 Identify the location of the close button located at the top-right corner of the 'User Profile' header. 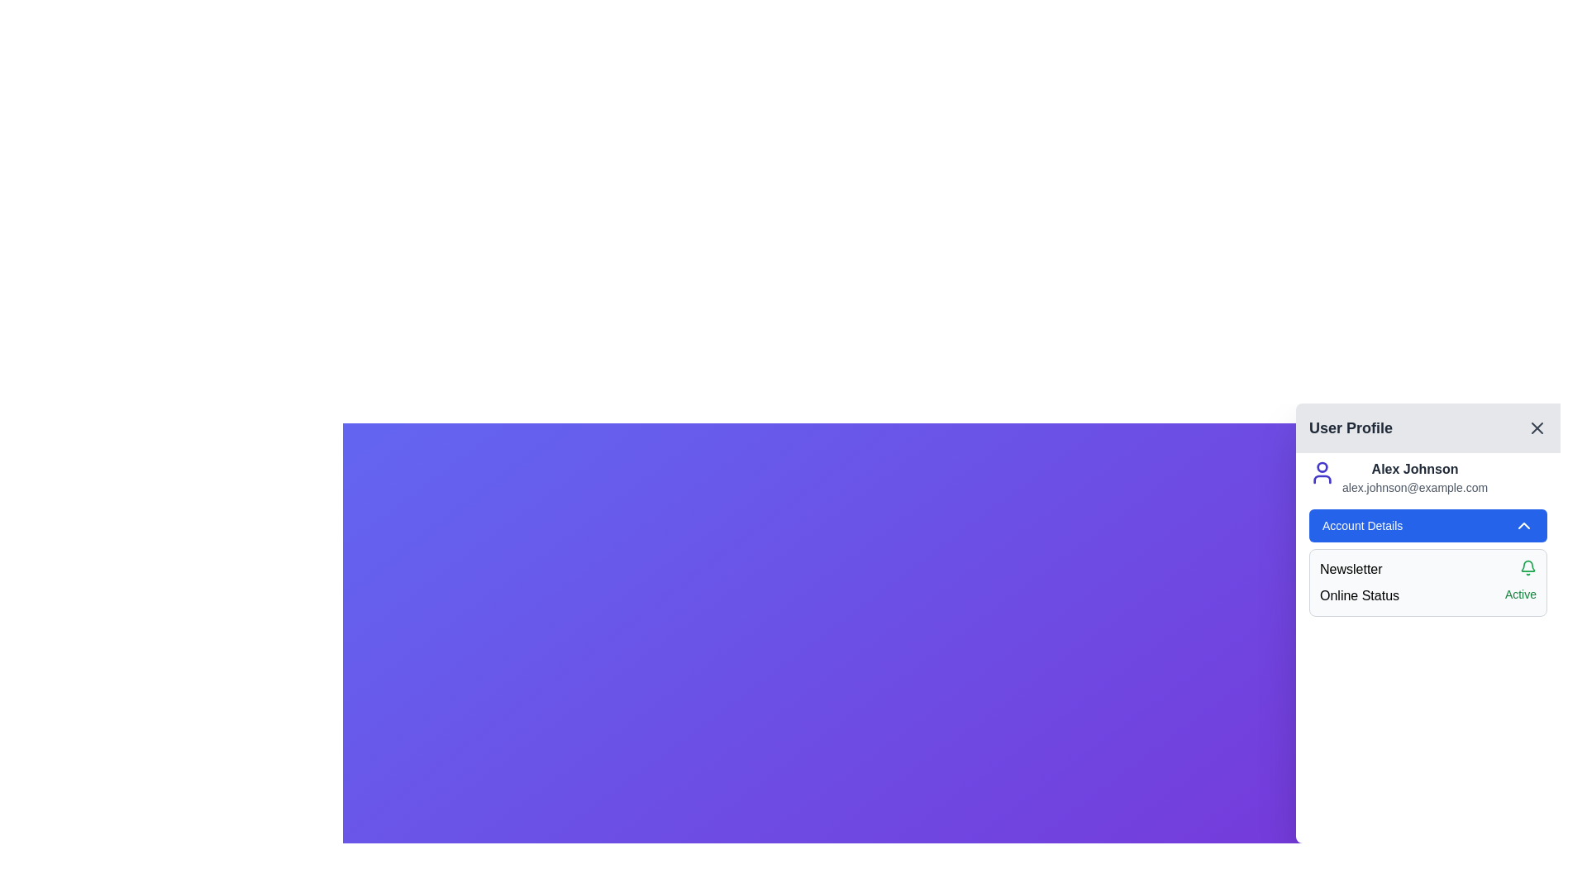
(1537, 427).